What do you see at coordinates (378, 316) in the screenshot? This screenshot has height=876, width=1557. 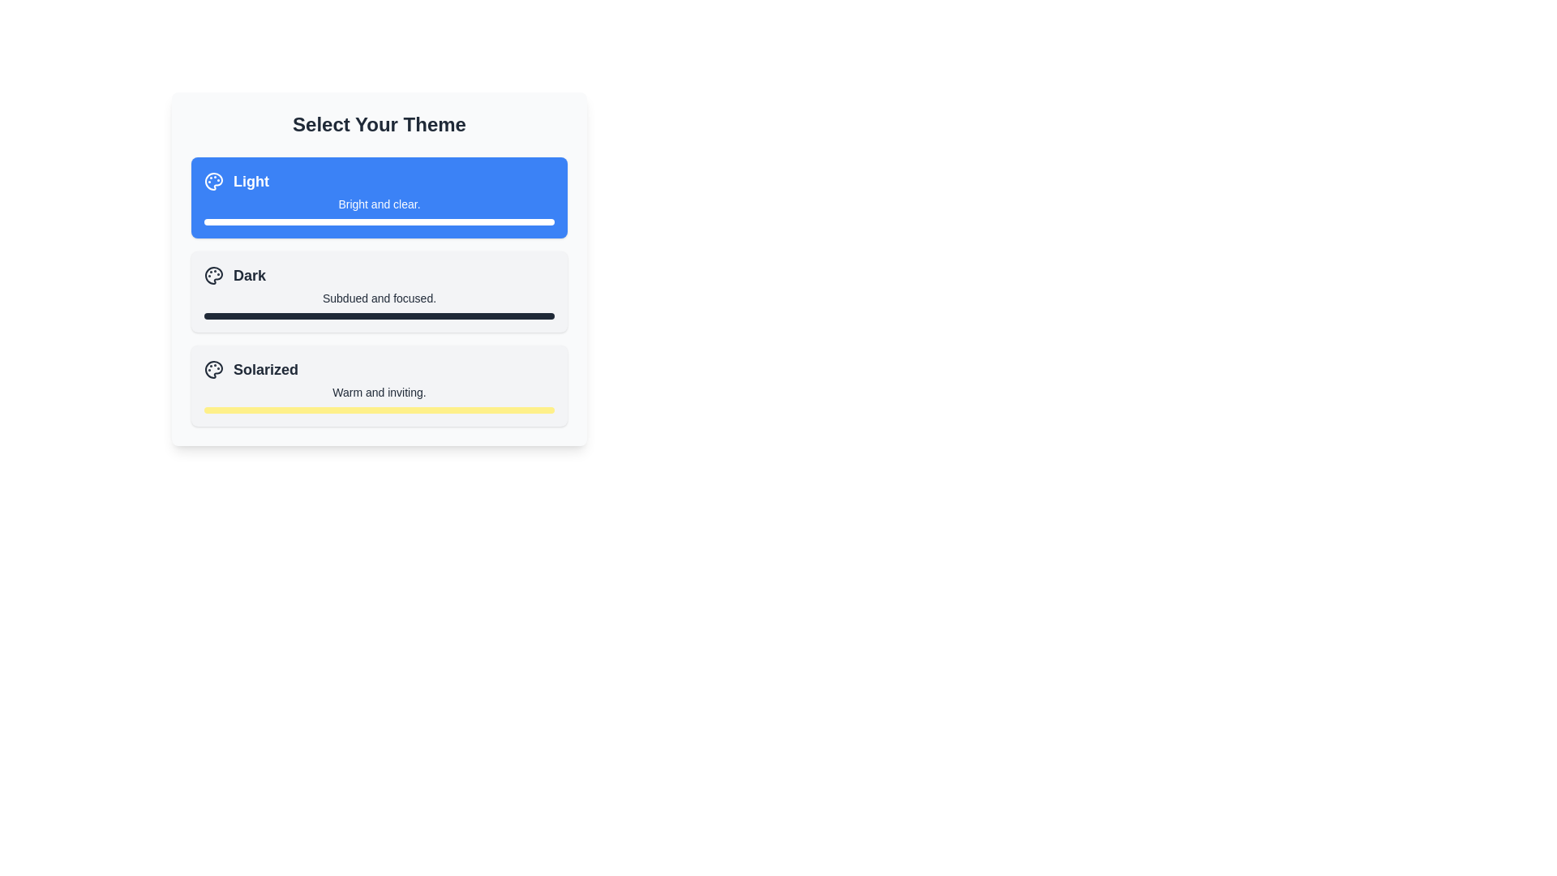 I see `the thin, horizontal dark gray progress bar located below the 'Subdued and focused.' text in the second theme selection card` at bounding box center [378, 316].